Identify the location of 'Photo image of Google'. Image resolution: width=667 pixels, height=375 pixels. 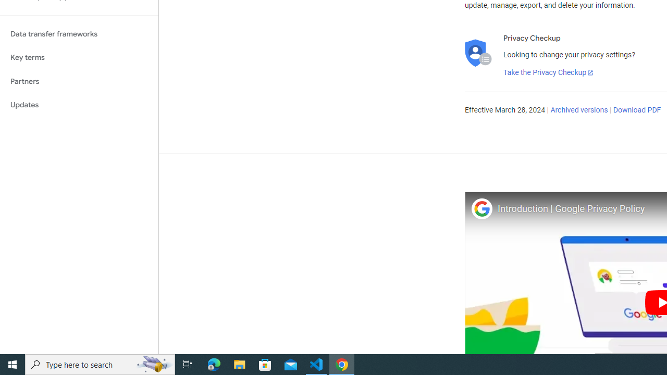
(481, 208).